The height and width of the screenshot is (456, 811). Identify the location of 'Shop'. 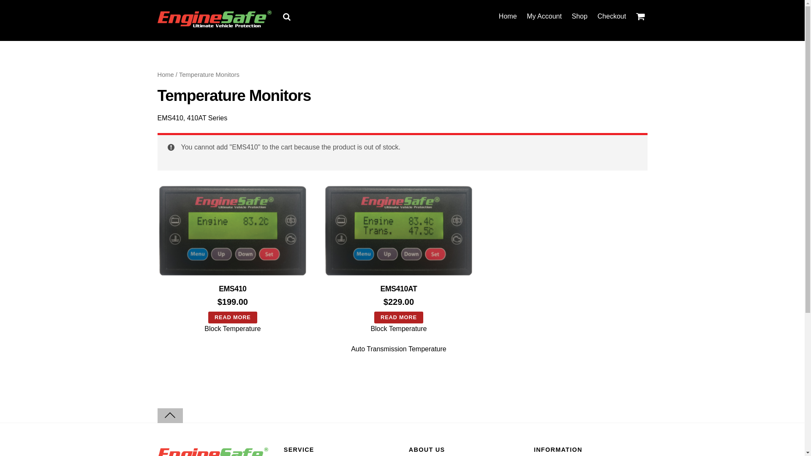
(579, 16).